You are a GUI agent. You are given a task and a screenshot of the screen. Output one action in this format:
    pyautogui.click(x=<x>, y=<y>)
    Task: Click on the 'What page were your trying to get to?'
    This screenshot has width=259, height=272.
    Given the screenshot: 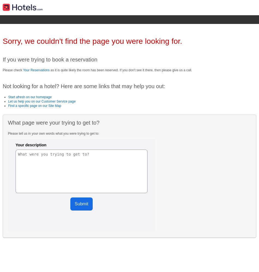 What is the action you would take?
    pyautogui.click(x=53, y=122)
    